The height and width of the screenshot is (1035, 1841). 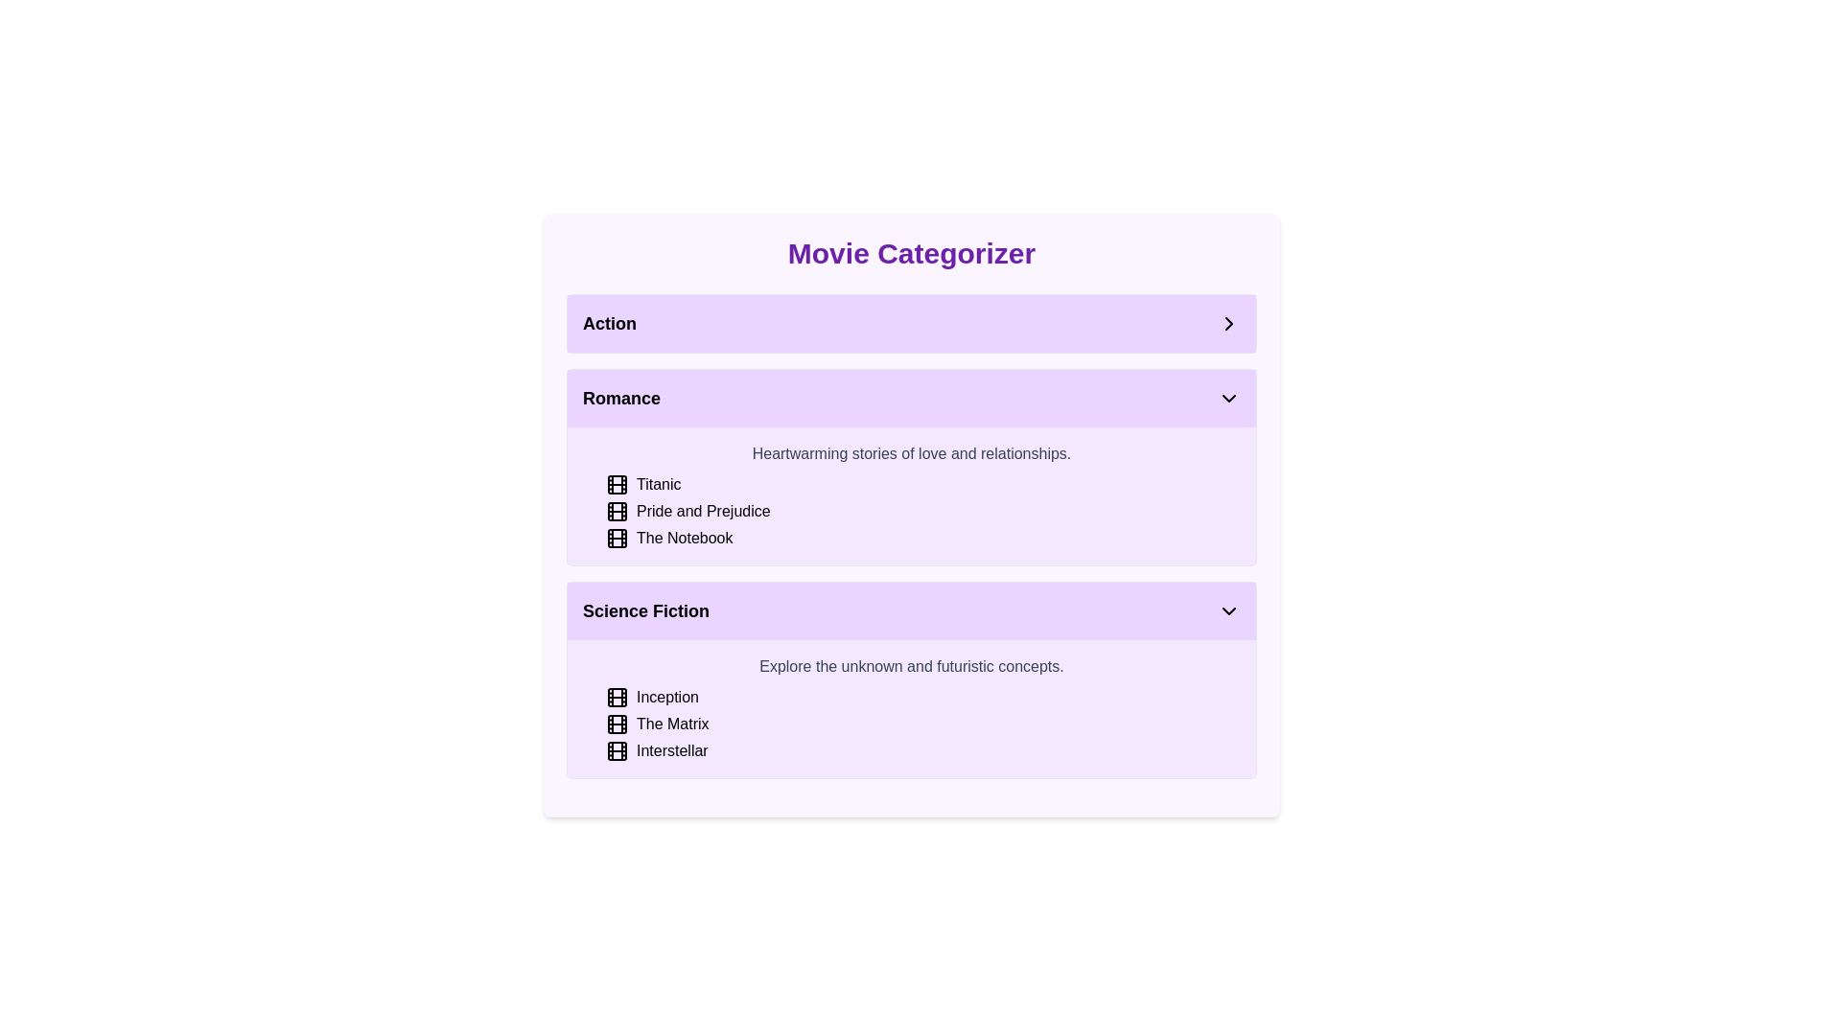 I want to click on the filmstrip icon located to the left of the 'Pride and Prejudice' text label in the 'Romance' category, so click(x=617, y=510).